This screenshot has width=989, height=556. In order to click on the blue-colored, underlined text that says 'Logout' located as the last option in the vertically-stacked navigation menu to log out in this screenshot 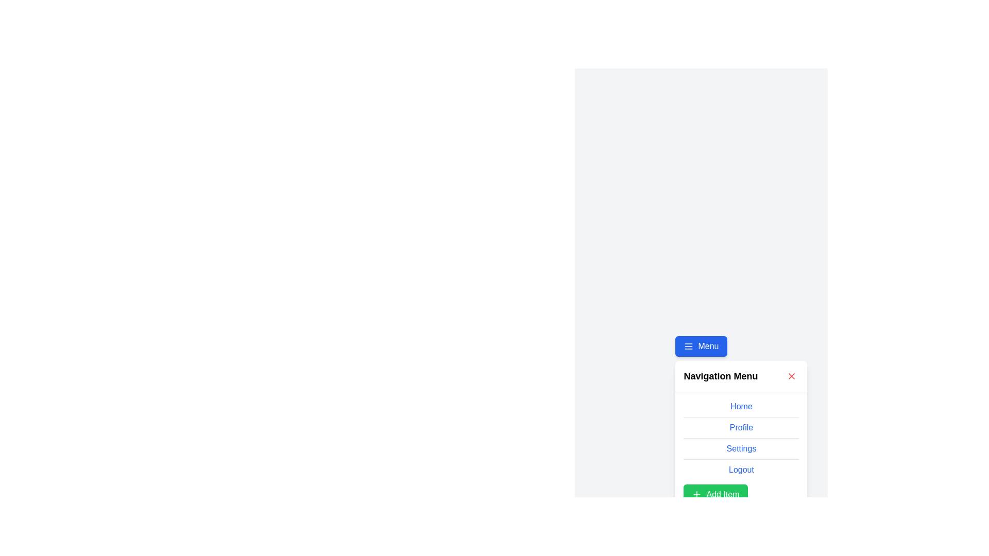, I will do `click(741, 470)`.